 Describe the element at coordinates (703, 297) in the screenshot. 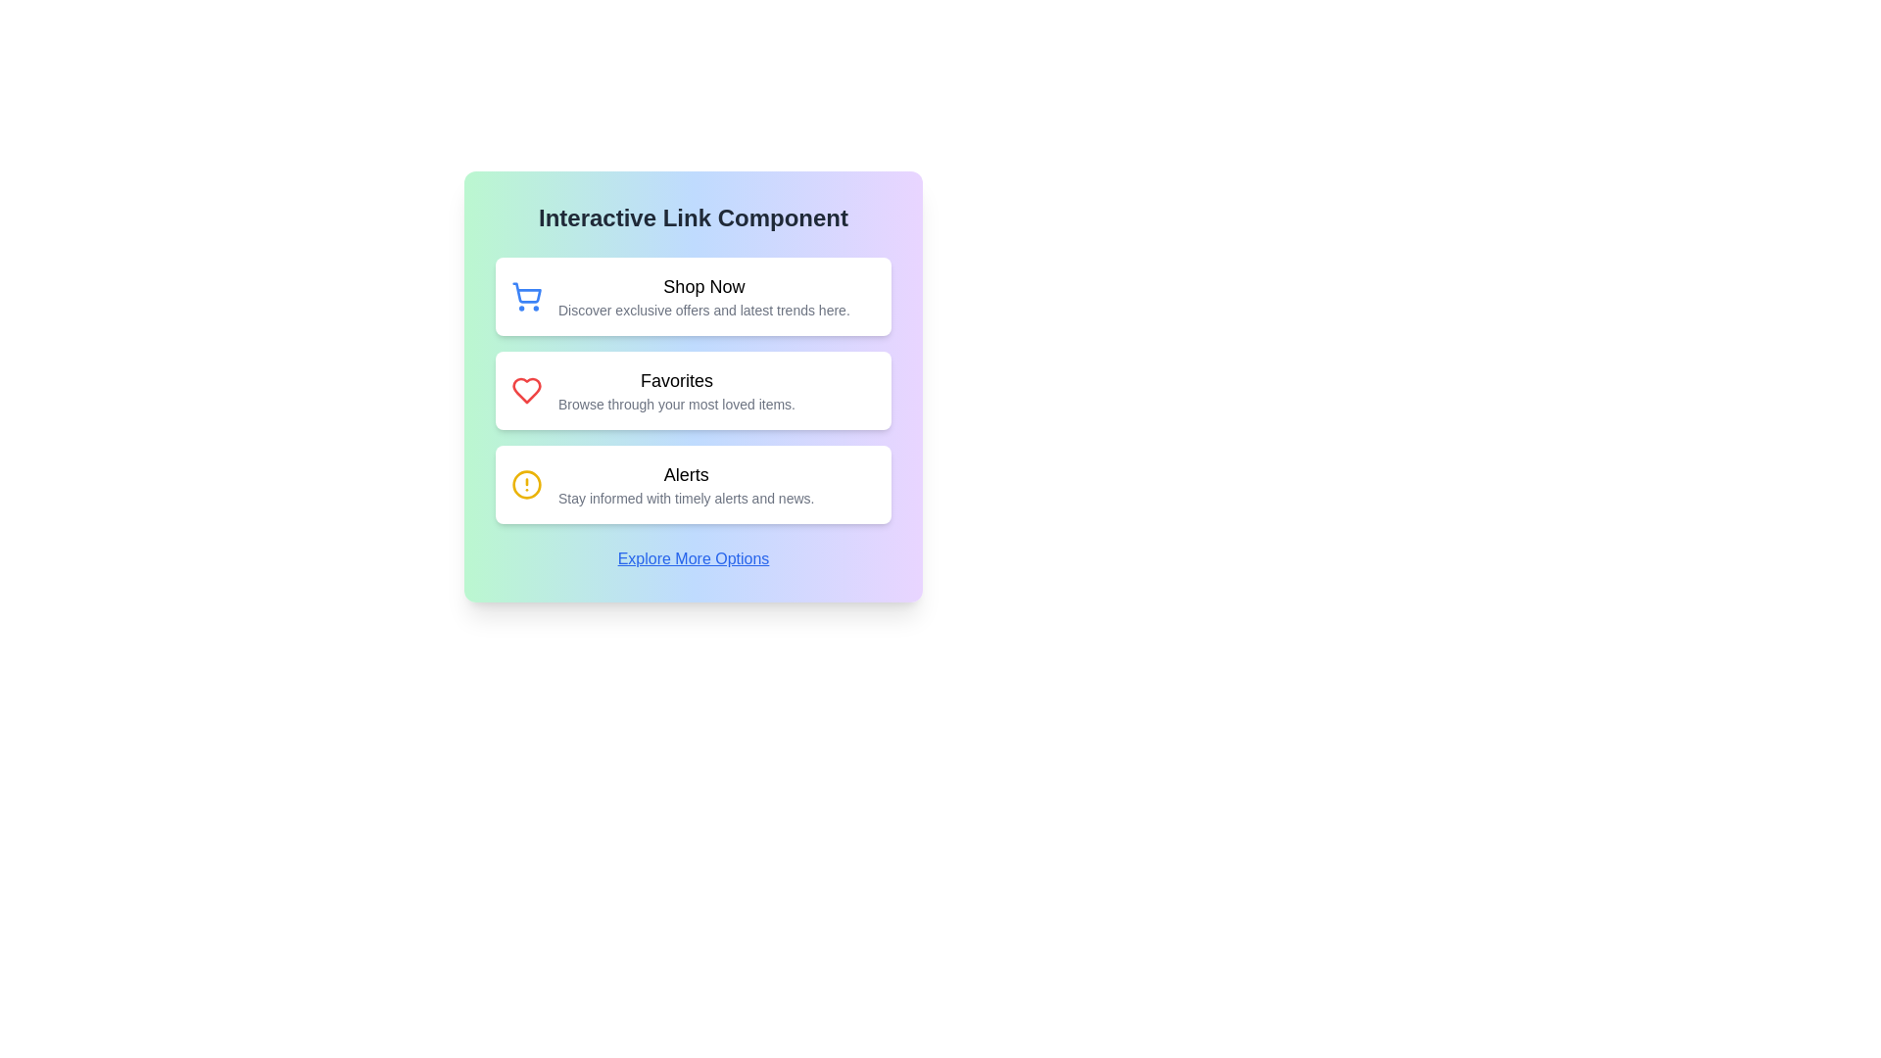

I see `text content located at the top of the vertical list of clickable options within a light-shaded card box, positioned above the 'Favorites' and 'Alerts' elements` at that location.